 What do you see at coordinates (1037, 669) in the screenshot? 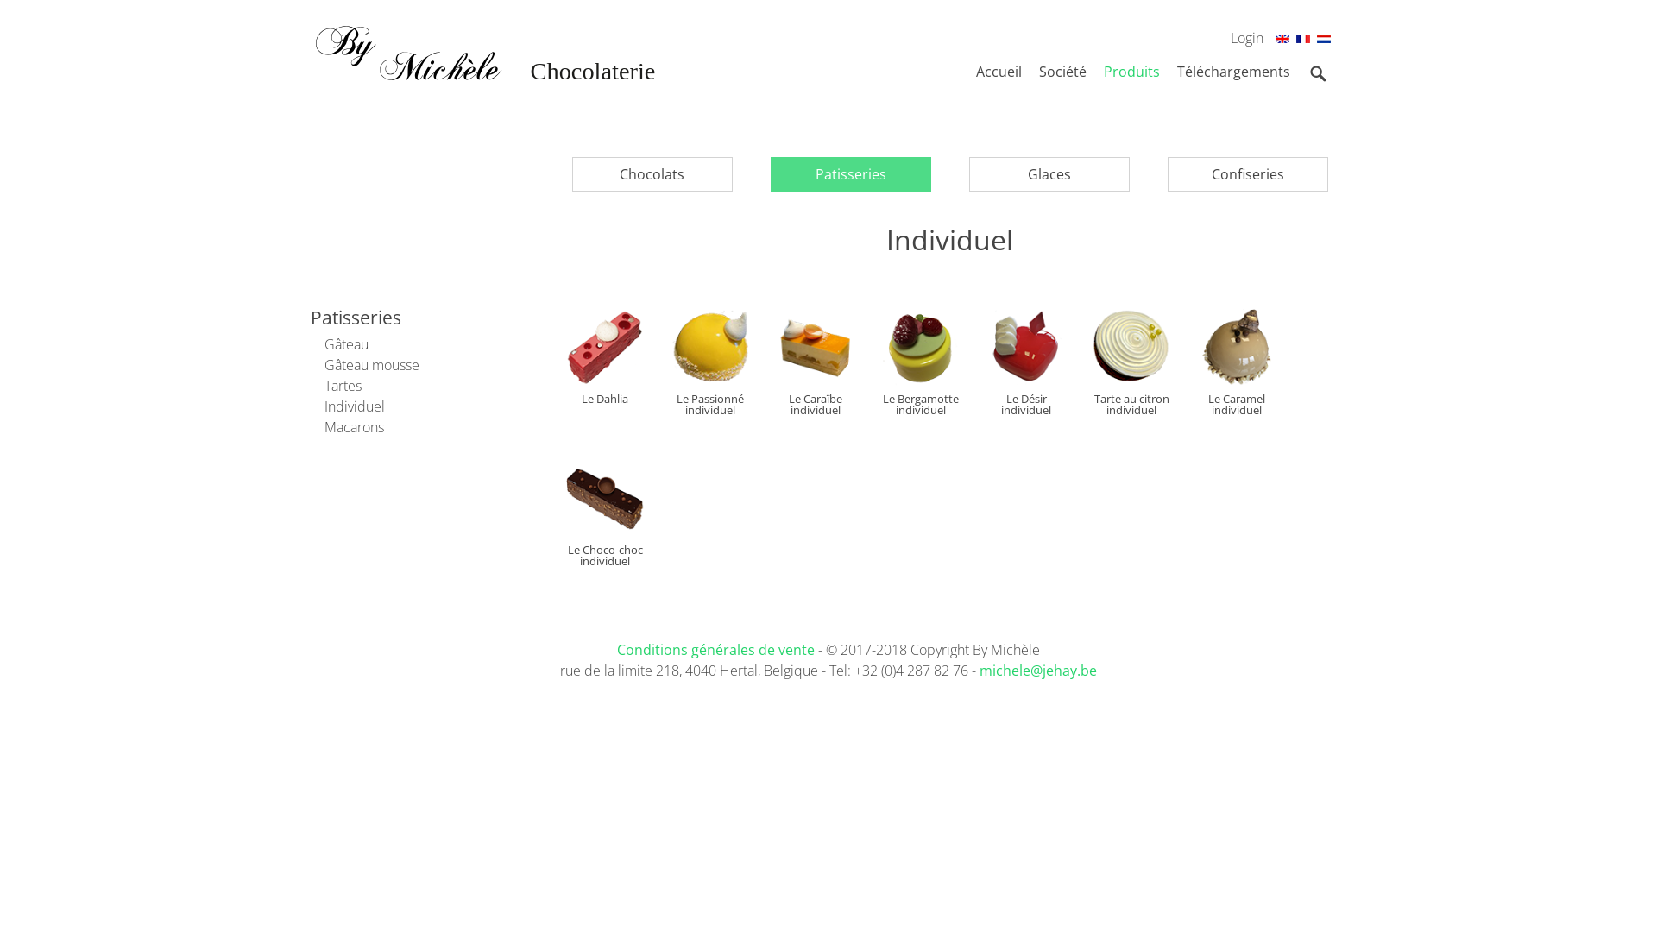
I see `'michele@jehay.be'` at bounding box center [1037, 669].